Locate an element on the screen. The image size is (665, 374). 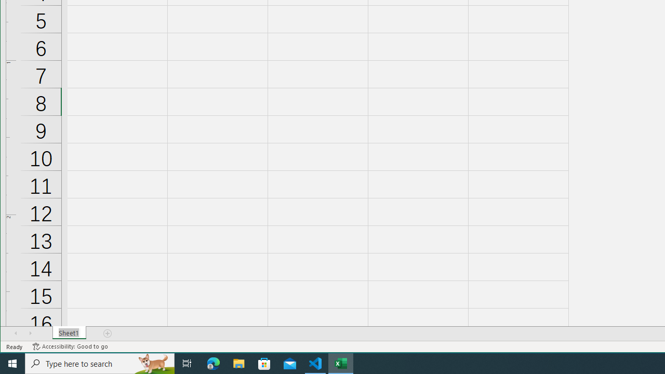
'Start' is located at coordinates (12, 363).